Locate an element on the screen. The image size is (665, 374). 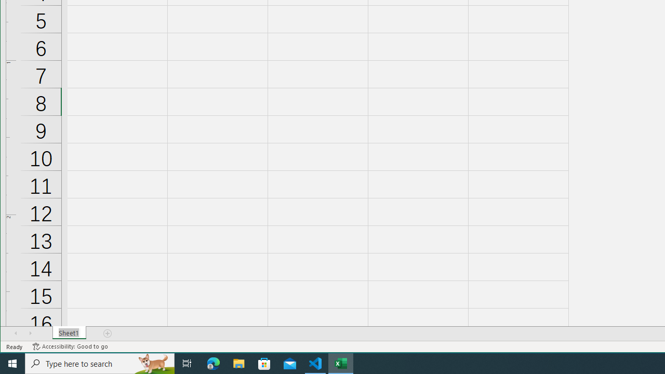
'Start' is located at coordinates (12, 363).